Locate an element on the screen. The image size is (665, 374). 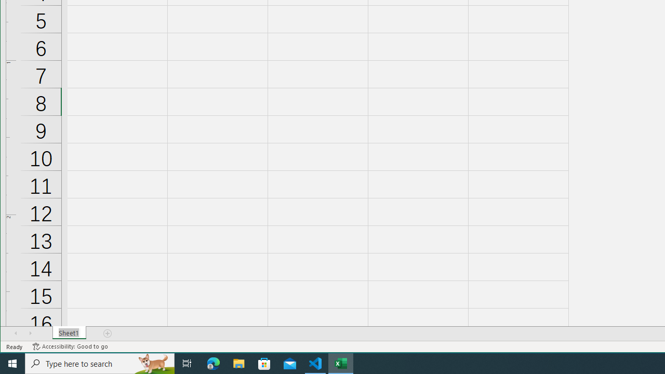
'Start' is located at coordinates (12, 363).